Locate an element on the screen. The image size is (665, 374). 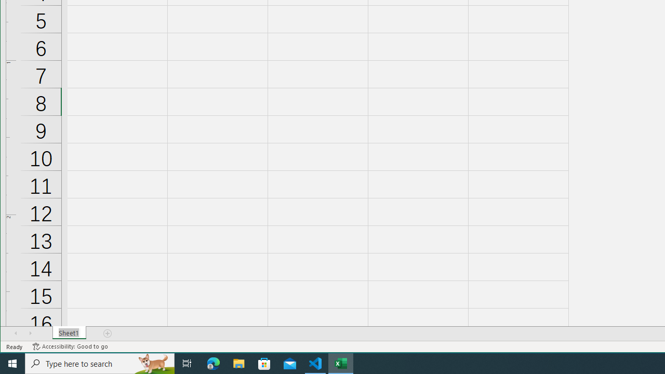
'Start' is located at coordinates (12, 363).